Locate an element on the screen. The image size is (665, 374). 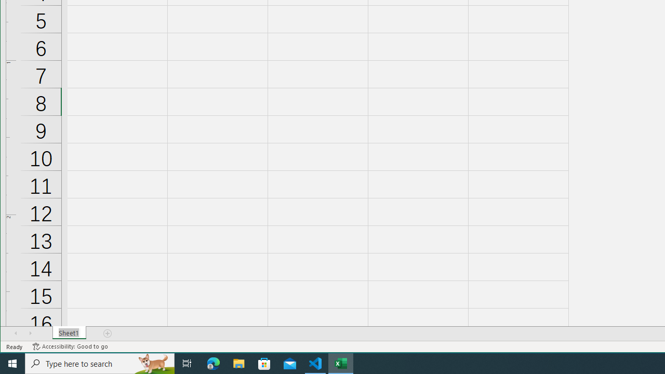
'Start' is located at coordinates (12, 363).